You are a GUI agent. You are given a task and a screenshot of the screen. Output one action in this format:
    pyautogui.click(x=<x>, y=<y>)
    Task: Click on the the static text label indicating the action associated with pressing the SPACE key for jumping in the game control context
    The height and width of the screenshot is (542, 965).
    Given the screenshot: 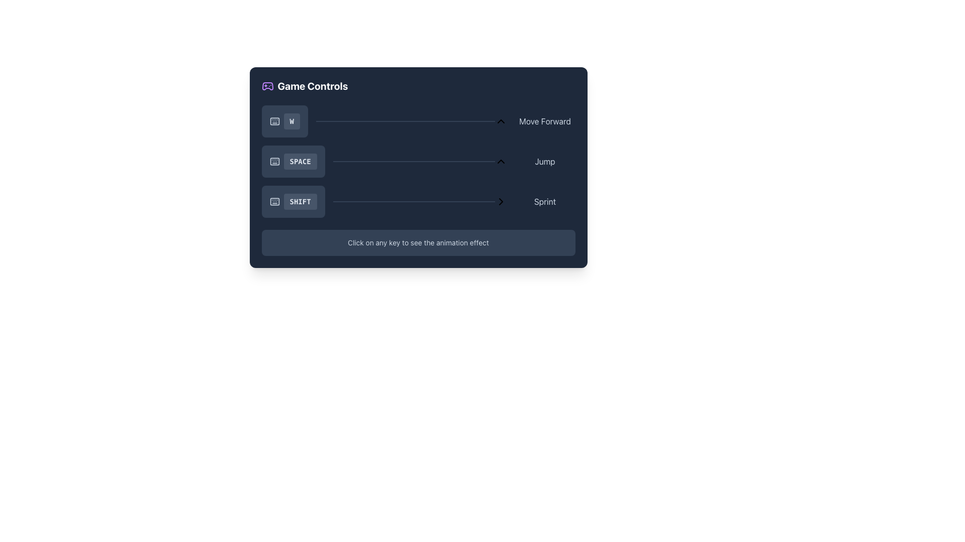 What is the action you would take?
    pyautogui.click(x=544, y=161)
    